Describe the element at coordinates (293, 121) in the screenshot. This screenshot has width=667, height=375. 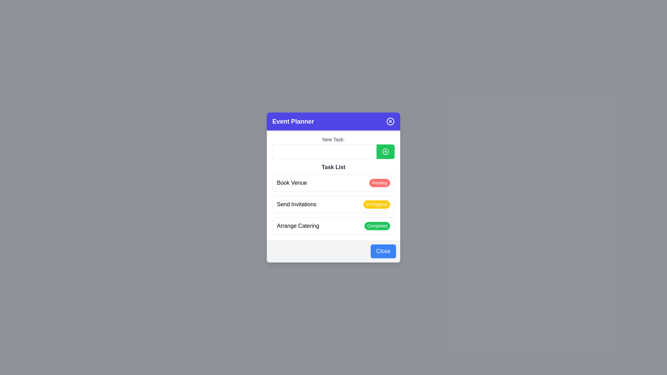
I see `bold, large white text 'Event Planner' located at the top of the modal against a purple background` at that location.